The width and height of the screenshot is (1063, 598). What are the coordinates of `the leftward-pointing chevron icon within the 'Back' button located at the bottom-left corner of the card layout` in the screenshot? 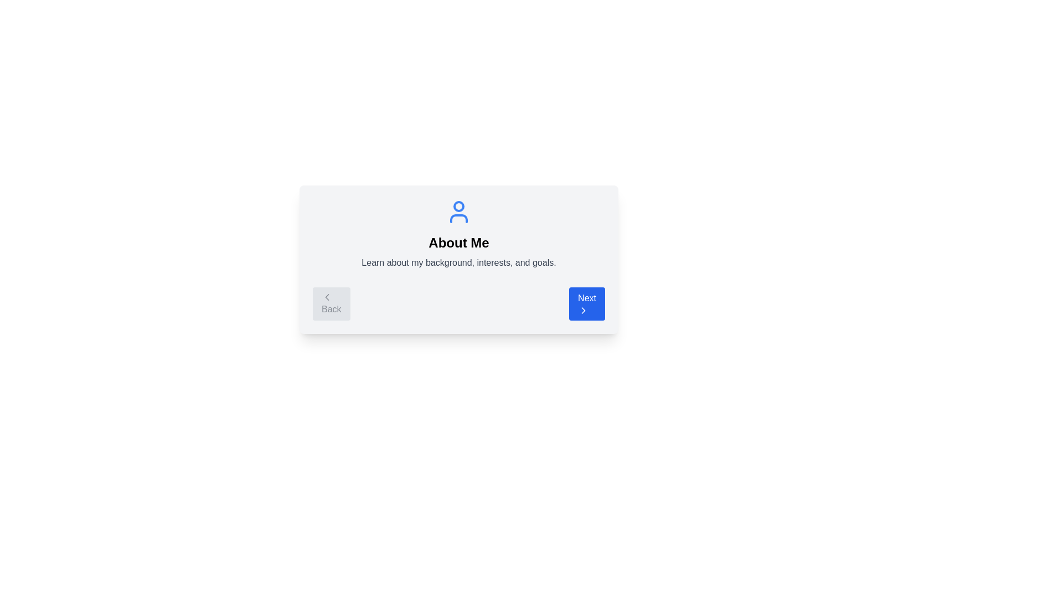 It's located at (326, 296).